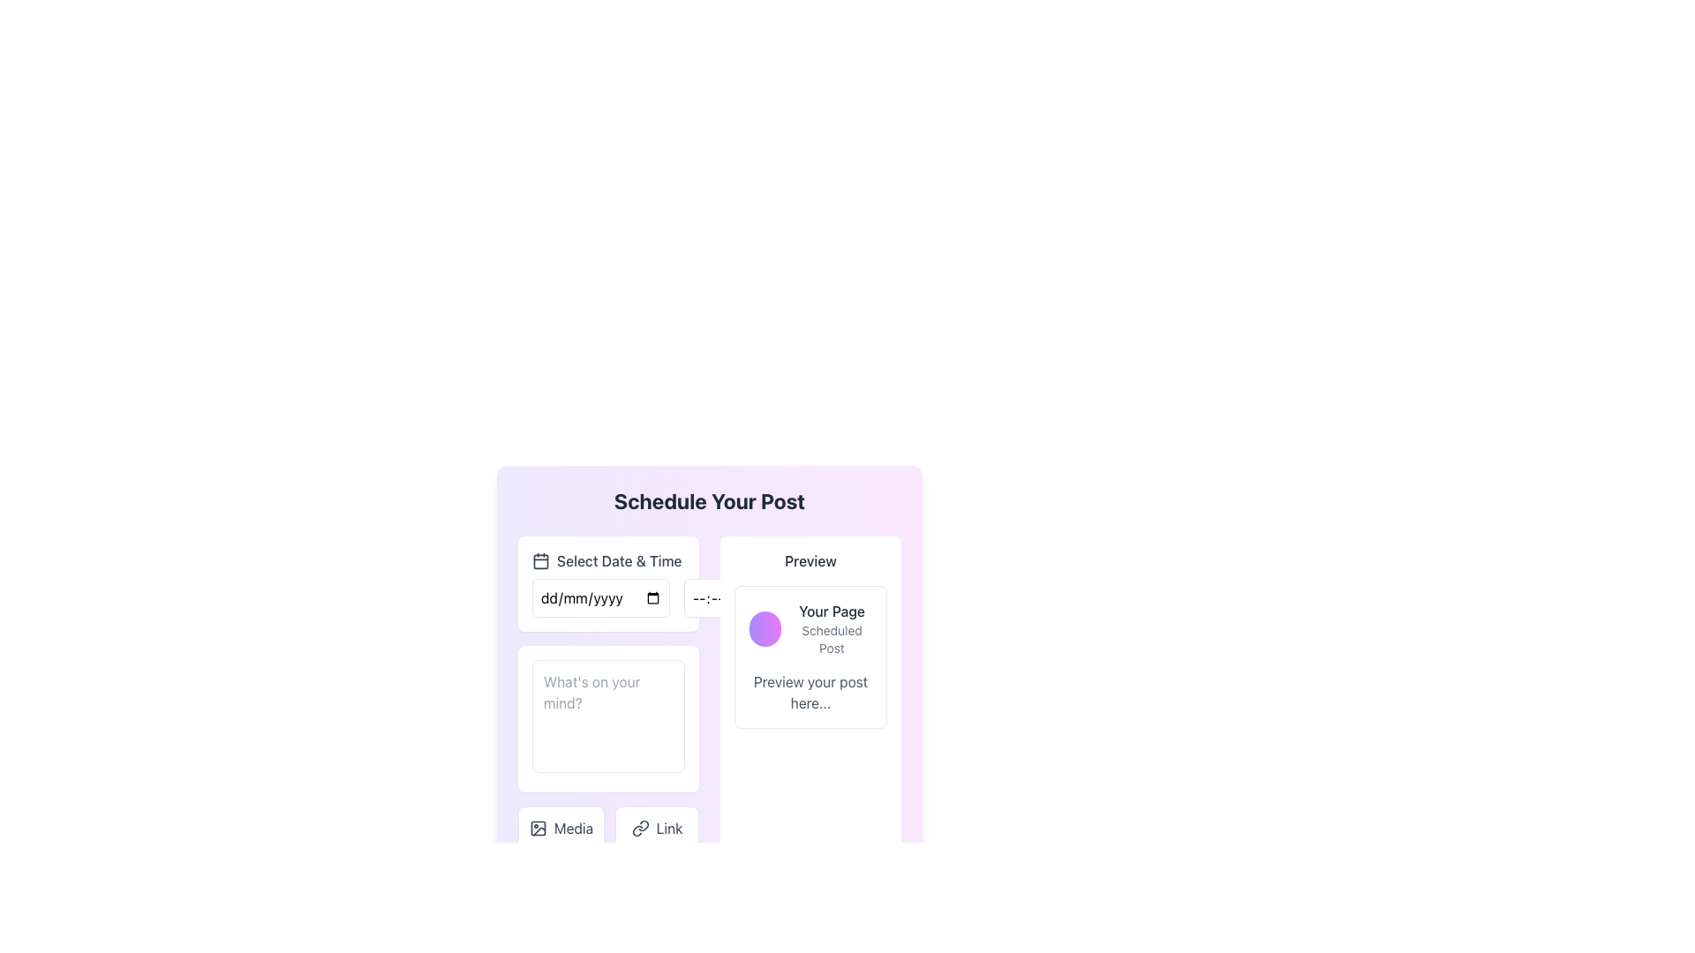 The width and height of the screenshot is (1695, 953). I want to click on the calendar icon element, so click(540, 561).